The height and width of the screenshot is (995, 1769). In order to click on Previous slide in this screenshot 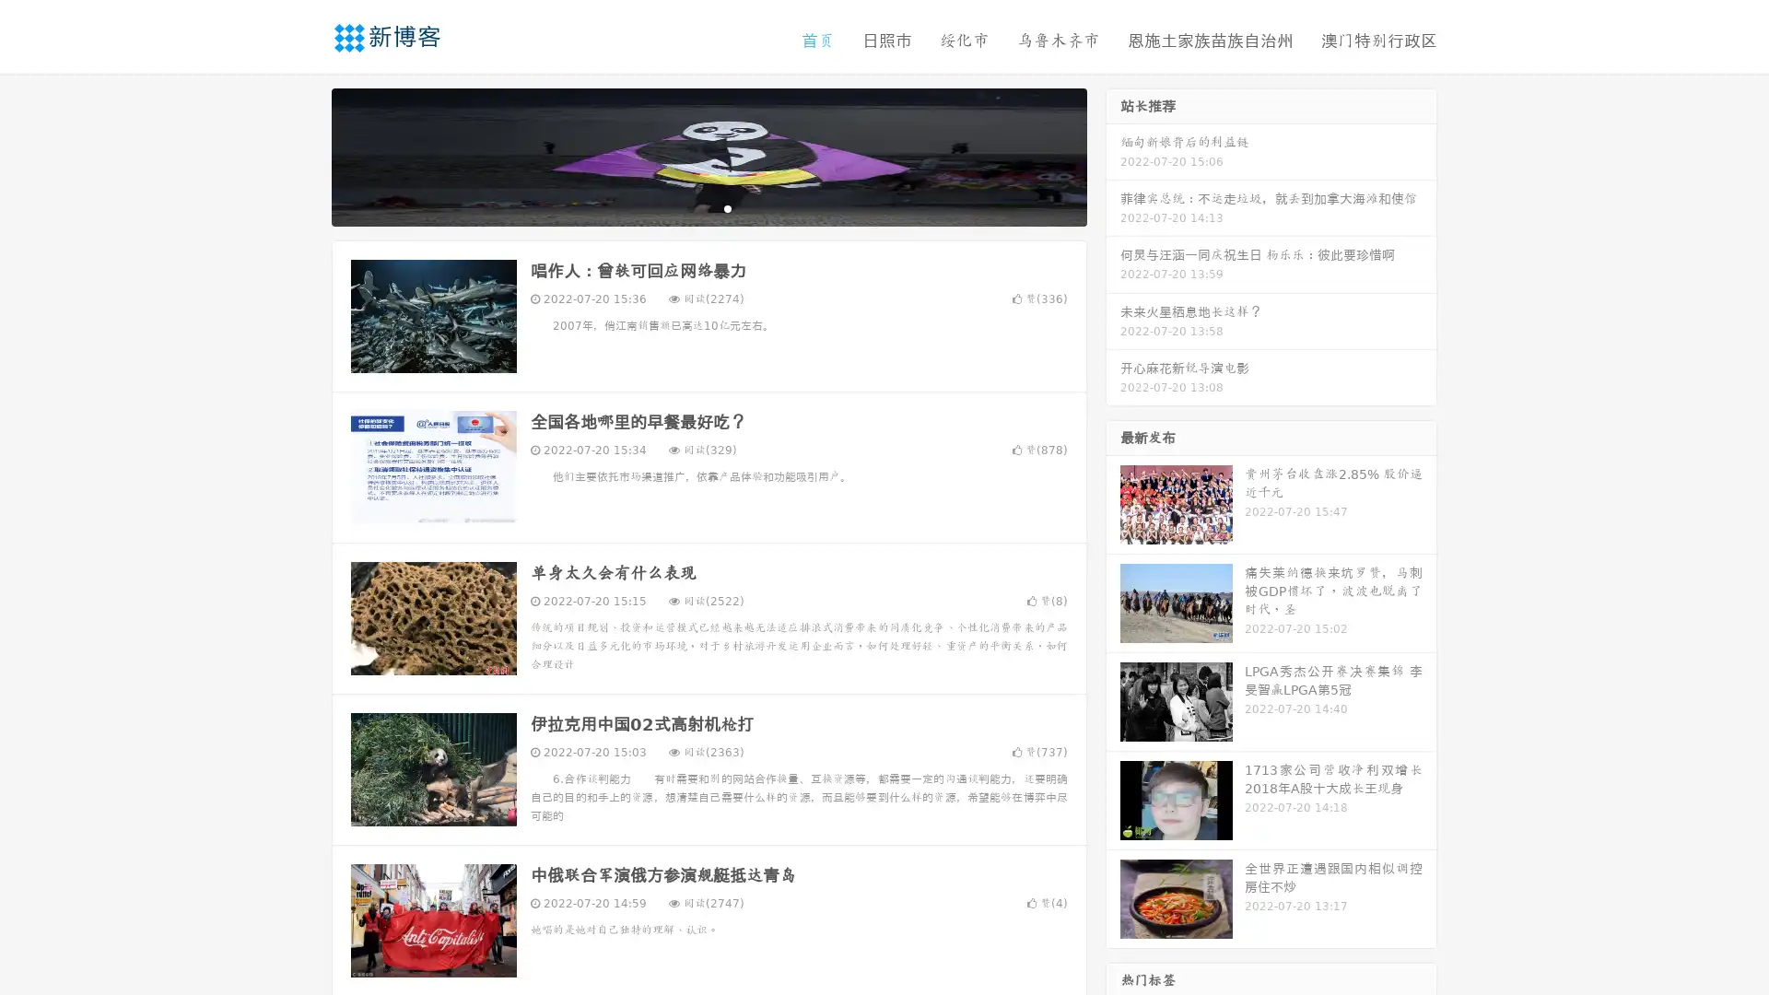, I will do `click(304, 155)`.